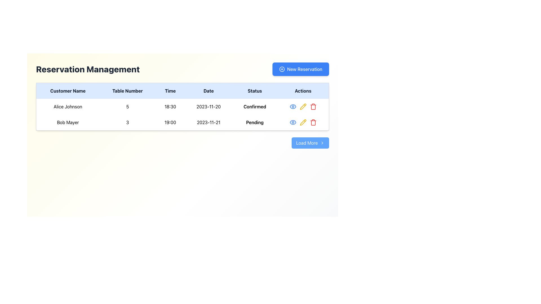  Describe the element at coordinates (254, 122) in the screenshot. I see `the 'Pending' text label in the 'Status' column of the second row corresponding to the reservation for 'Bob Mayer'` at that location.